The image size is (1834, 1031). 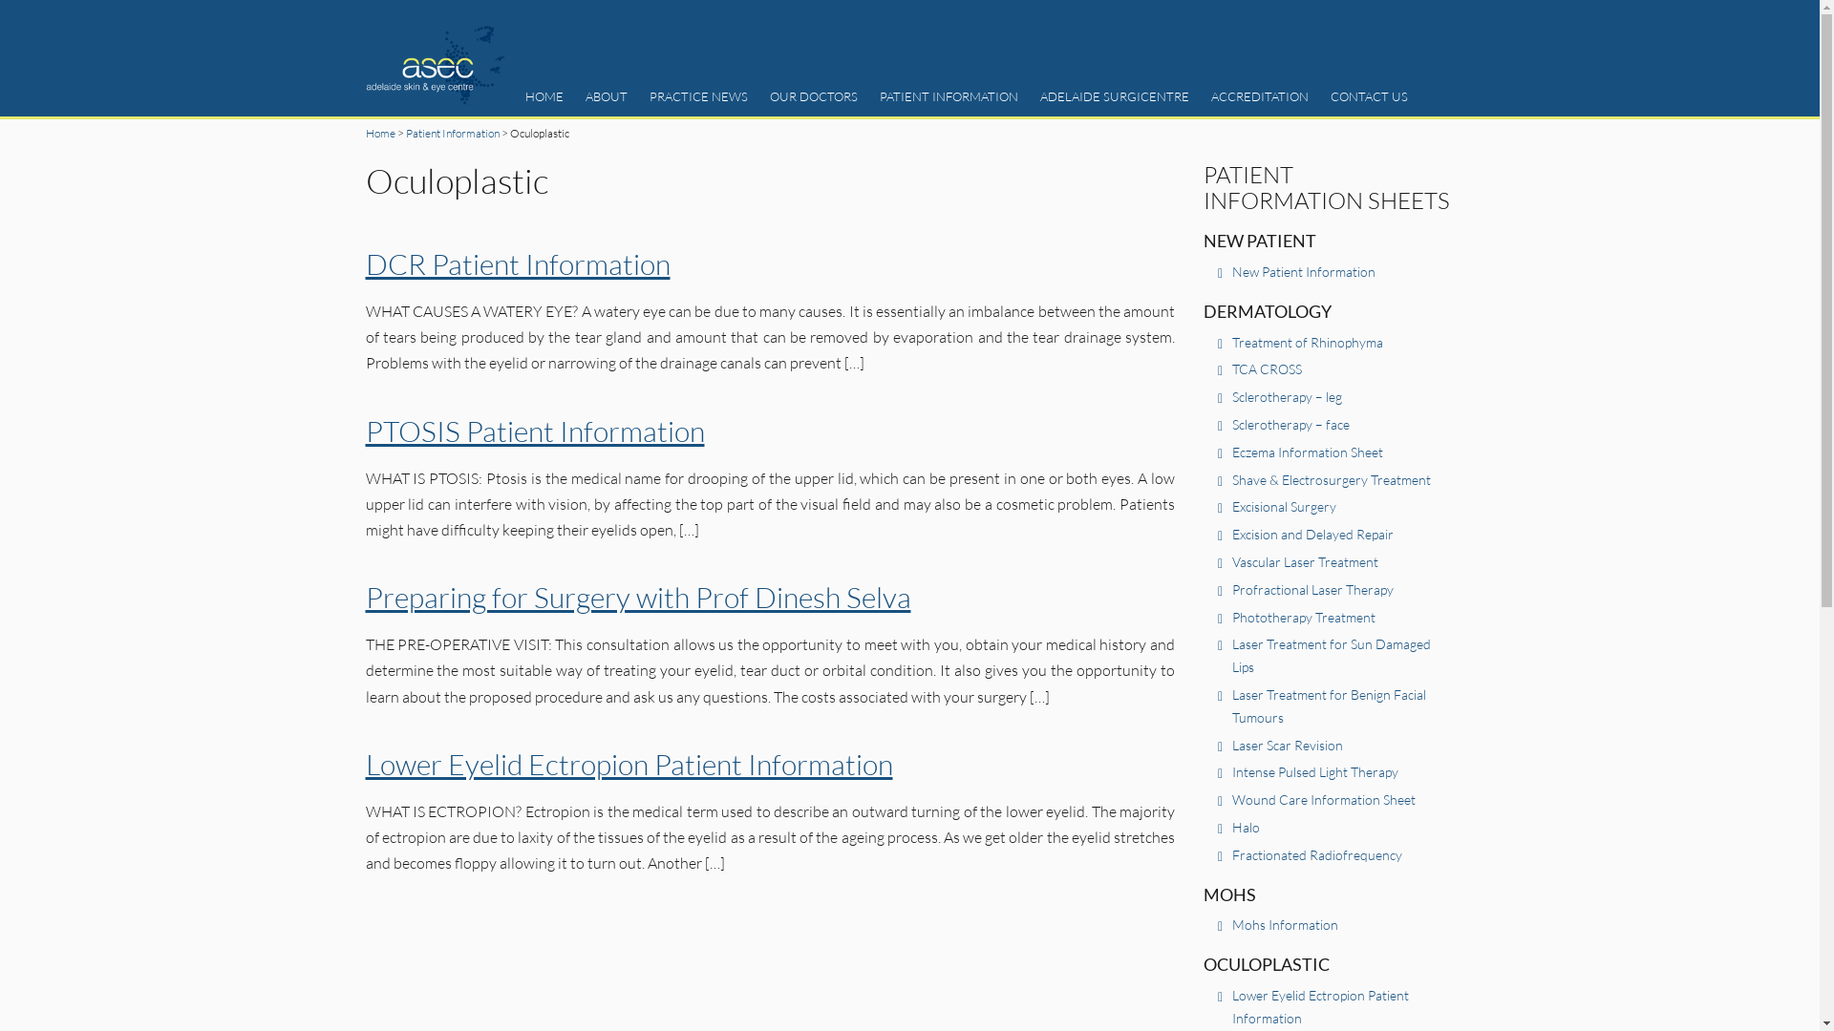 I want to click on 'Halo', so click(x=1246, y=826).